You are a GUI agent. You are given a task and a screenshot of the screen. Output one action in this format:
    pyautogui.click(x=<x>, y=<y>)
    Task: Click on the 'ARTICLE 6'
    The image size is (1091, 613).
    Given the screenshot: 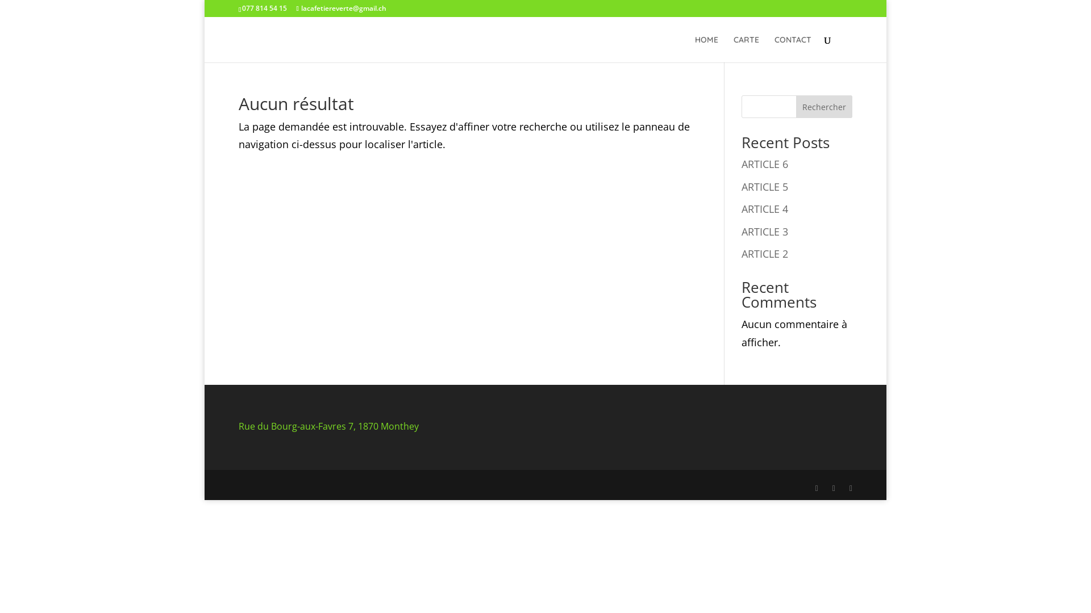 What is the action you would take?
    pyautogui.click(x=764, y=164)
    